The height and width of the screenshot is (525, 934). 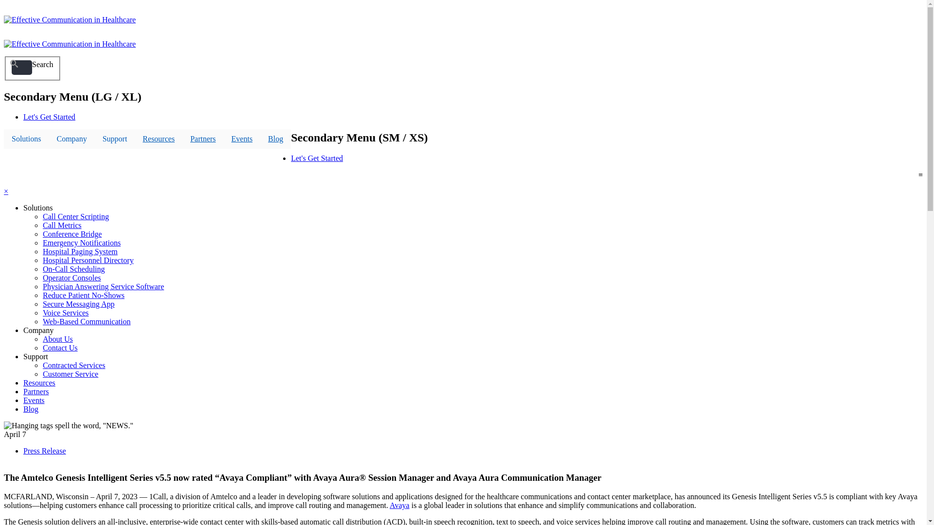 I want to click on 'Customer Service', so click(x=70, y=373).